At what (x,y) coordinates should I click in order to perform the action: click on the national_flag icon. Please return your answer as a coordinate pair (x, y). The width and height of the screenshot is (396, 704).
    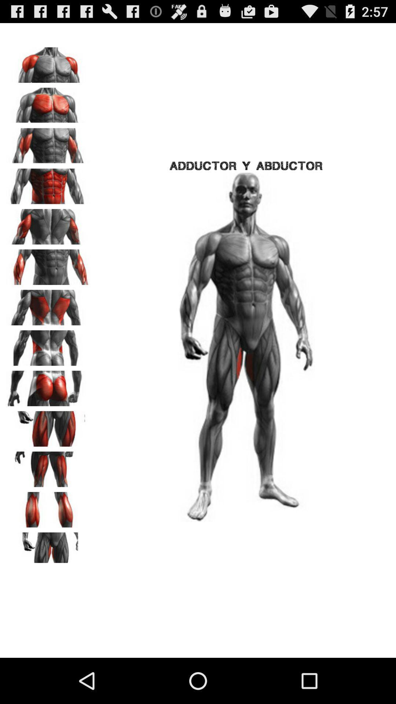
    Looking at the image, I should click on (48, 586).